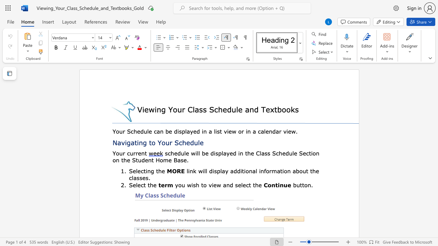 Image resolution: width=438 pixels, height=246 pixels. Describe the element at coordinates (203, 170) in the screenshot. I see `the 2th character "i" in the text` at that location.